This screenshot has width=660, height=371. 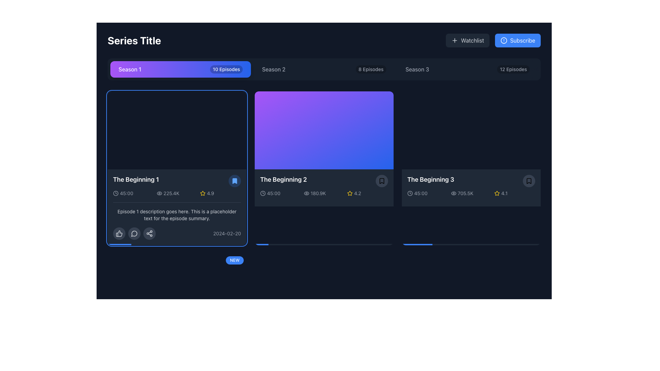 I want to click on the text label displaying the date '2024-02-20', which is styled in gray and located in the bottom-right corner of the card for 'The Beginning 1', so click(x=227, y=233).